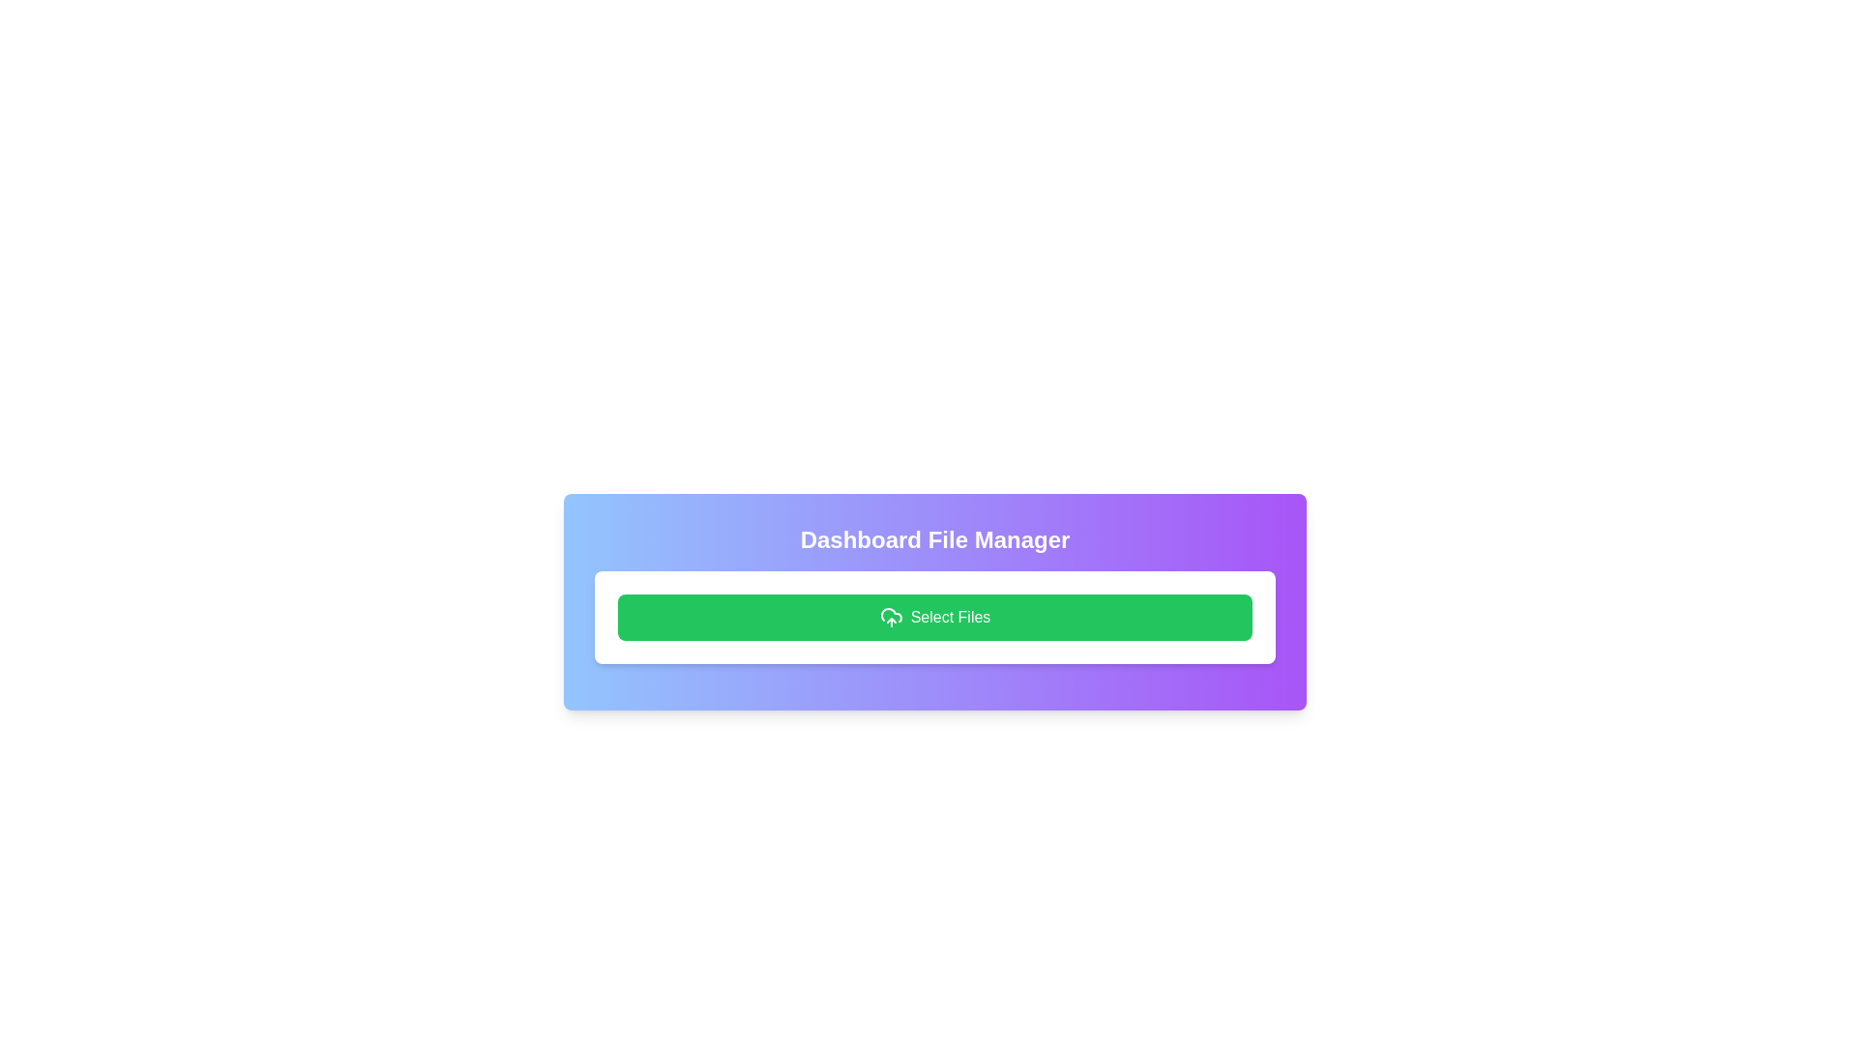 This screenshot has height=1044, width=1857. Describe the element at coordinates (890, 615) in the screenshot. I see `the cloud graphic icon located on the left side of the 'Select Files' button inside the green rectangle` at that location.